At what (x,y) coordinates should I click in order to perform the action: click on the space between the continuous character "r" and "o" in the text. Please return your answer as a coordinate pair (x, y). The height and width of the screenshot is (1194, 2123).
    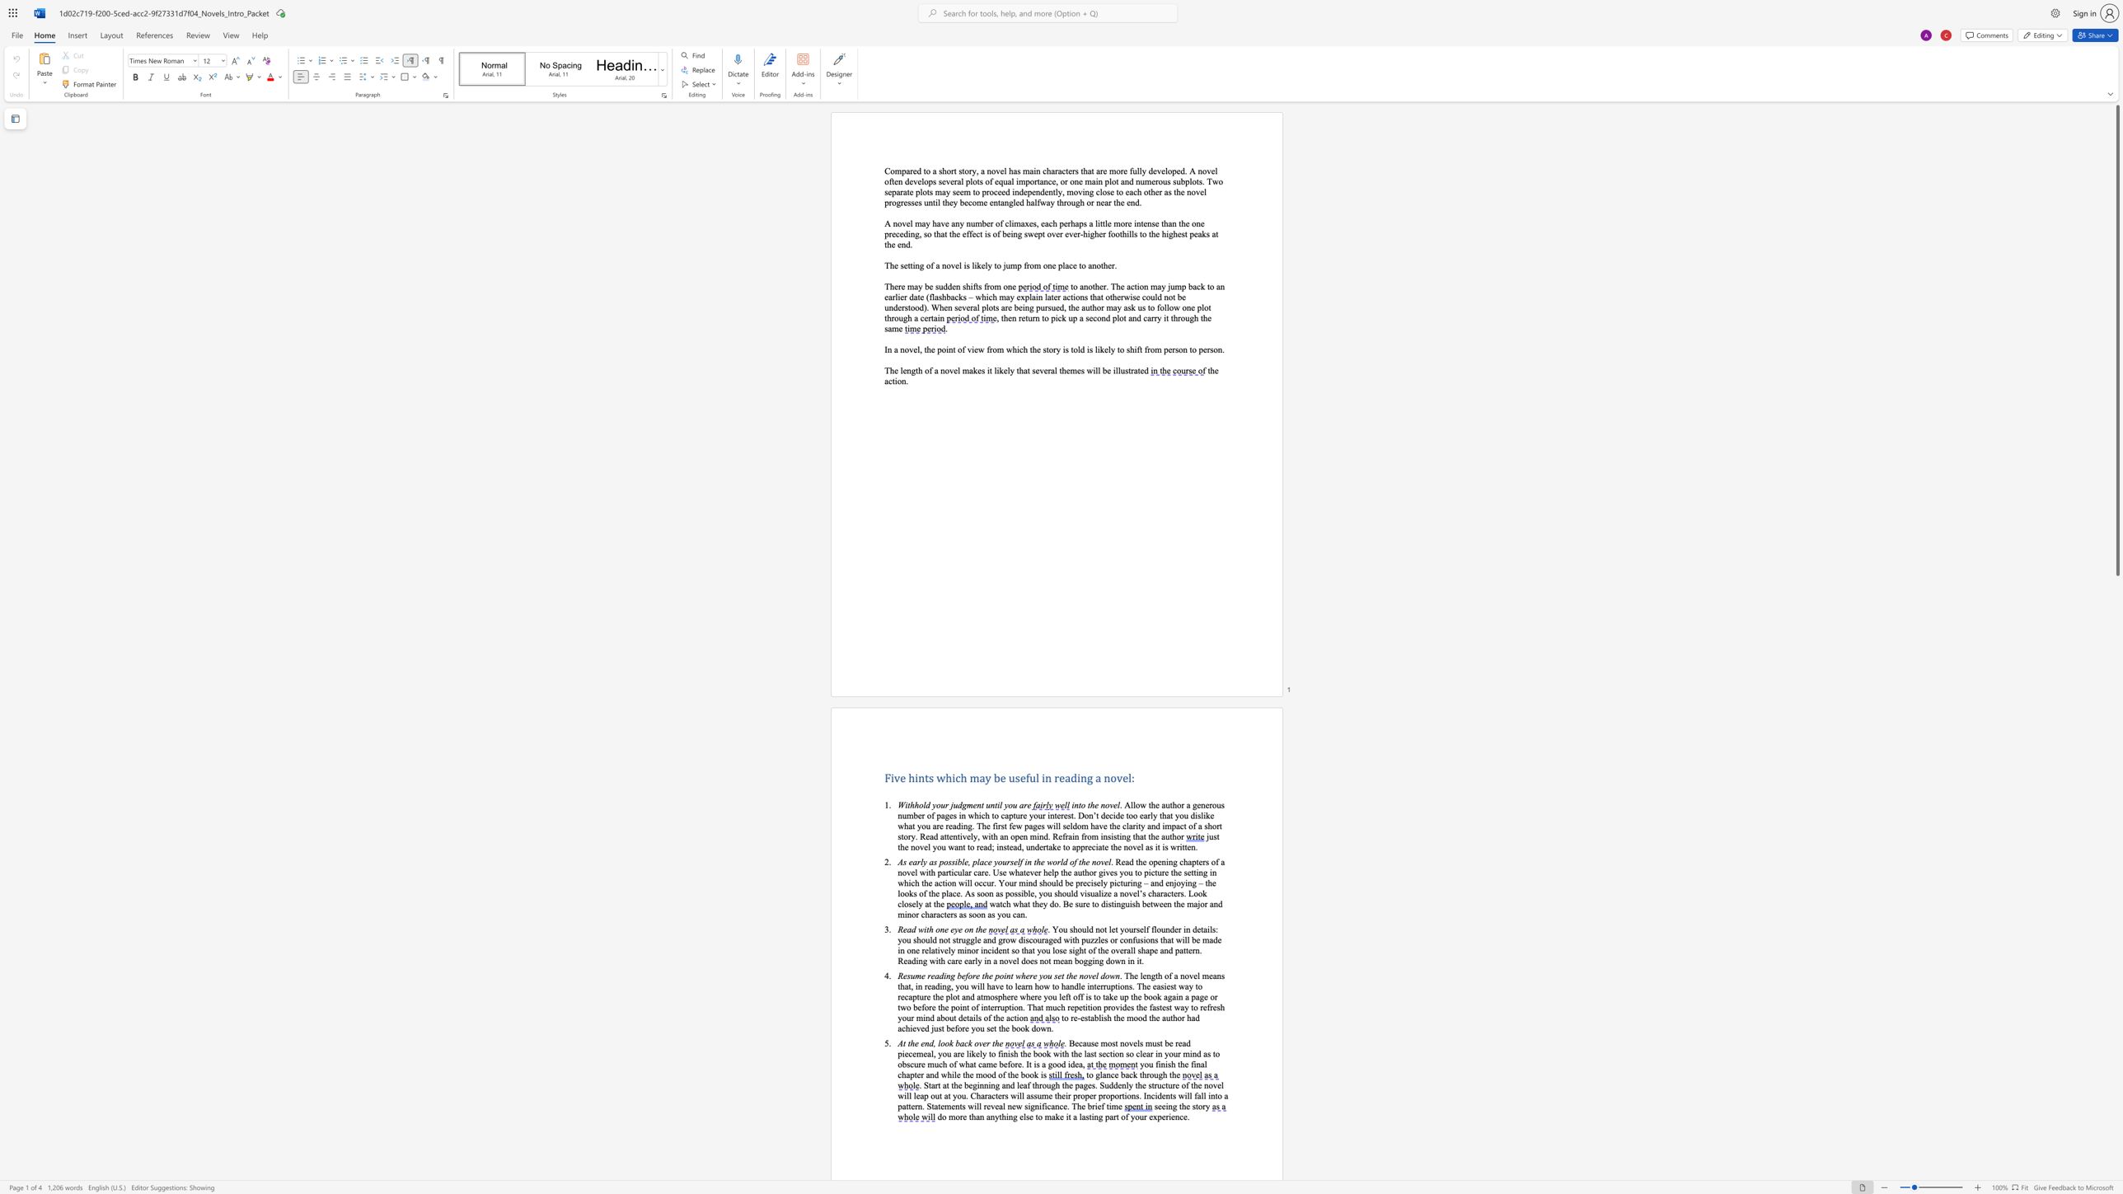
    Looking at the image, I should click on (1150, 1074).